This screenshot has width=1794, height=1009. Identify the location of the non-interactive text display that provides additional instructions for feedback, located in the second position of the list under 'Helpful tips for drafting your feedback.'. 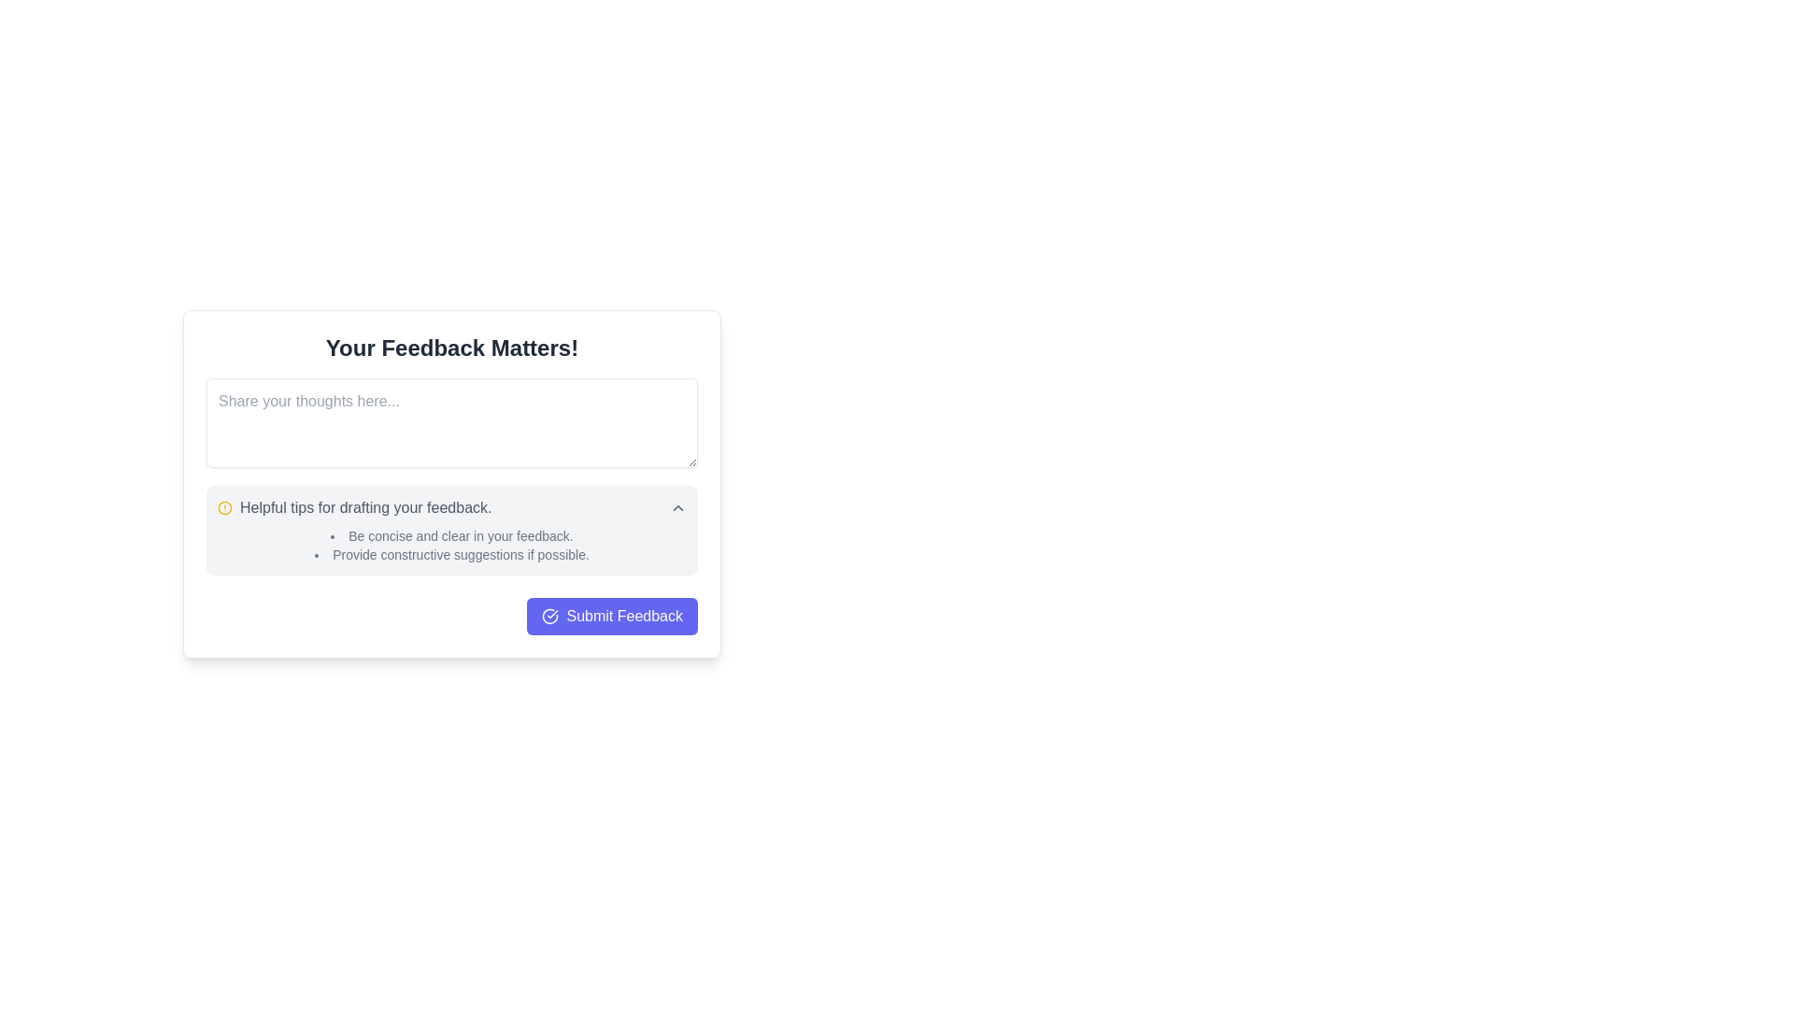
(452, 554).